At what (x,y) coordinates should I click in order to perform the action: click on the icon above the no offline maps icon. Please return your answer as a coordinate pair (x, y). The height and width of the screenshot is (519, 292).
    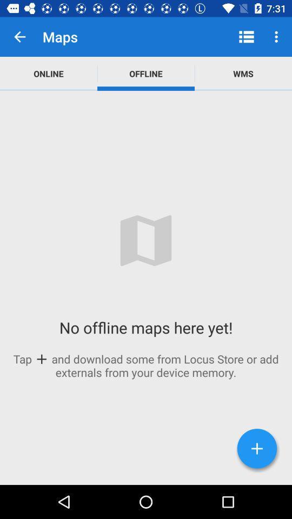
    Looking at the image, I should click on (243, 73).